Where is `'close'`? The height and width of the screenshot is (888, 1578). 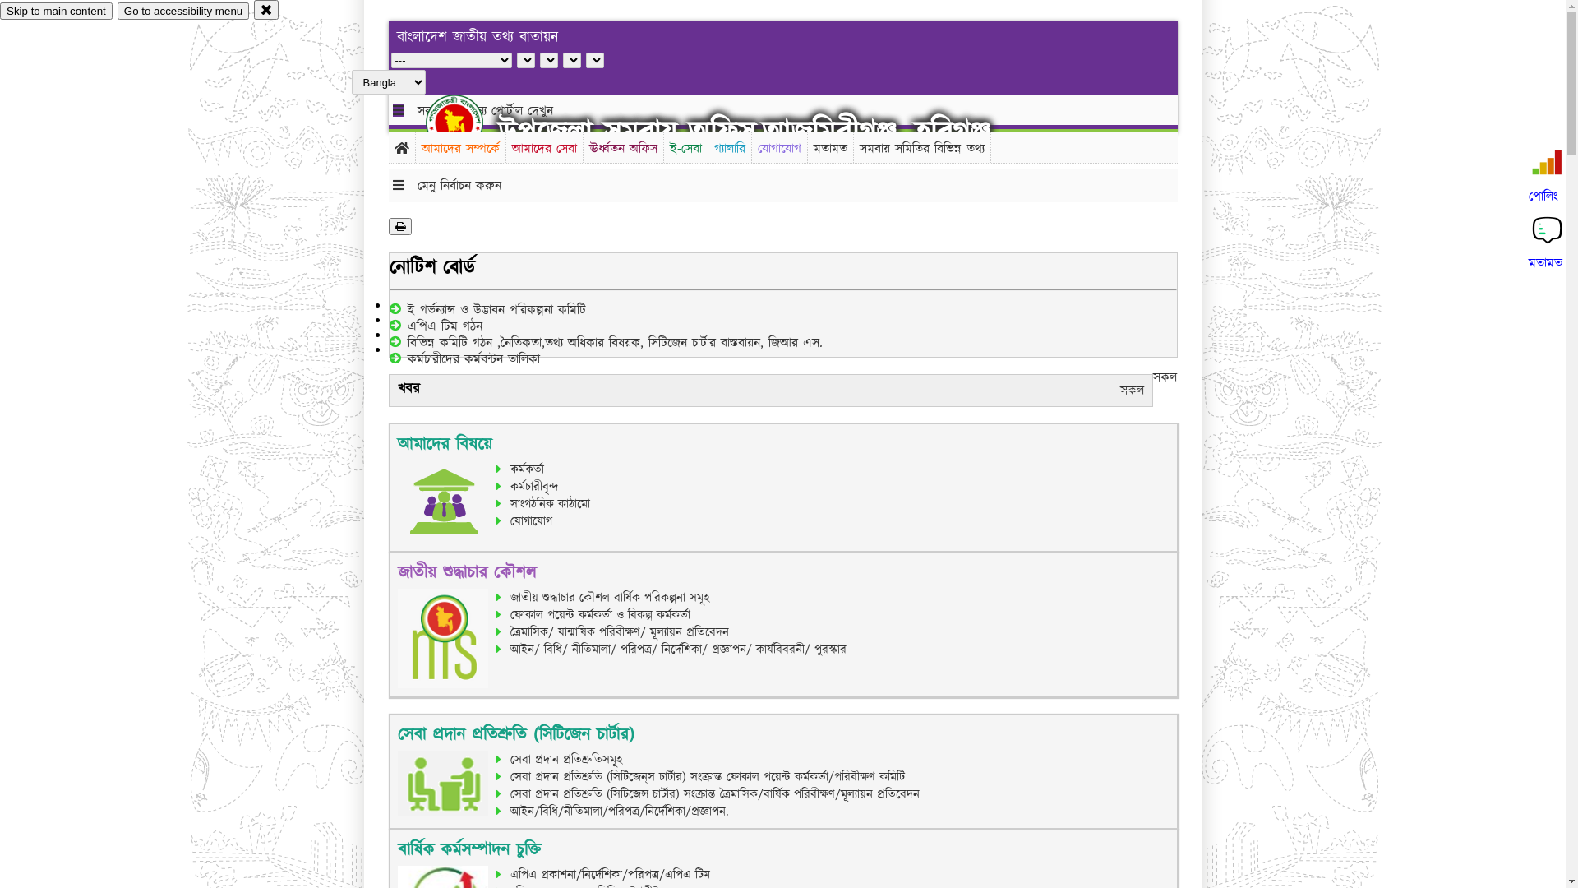 'close' is located at coordinates (266, 9).